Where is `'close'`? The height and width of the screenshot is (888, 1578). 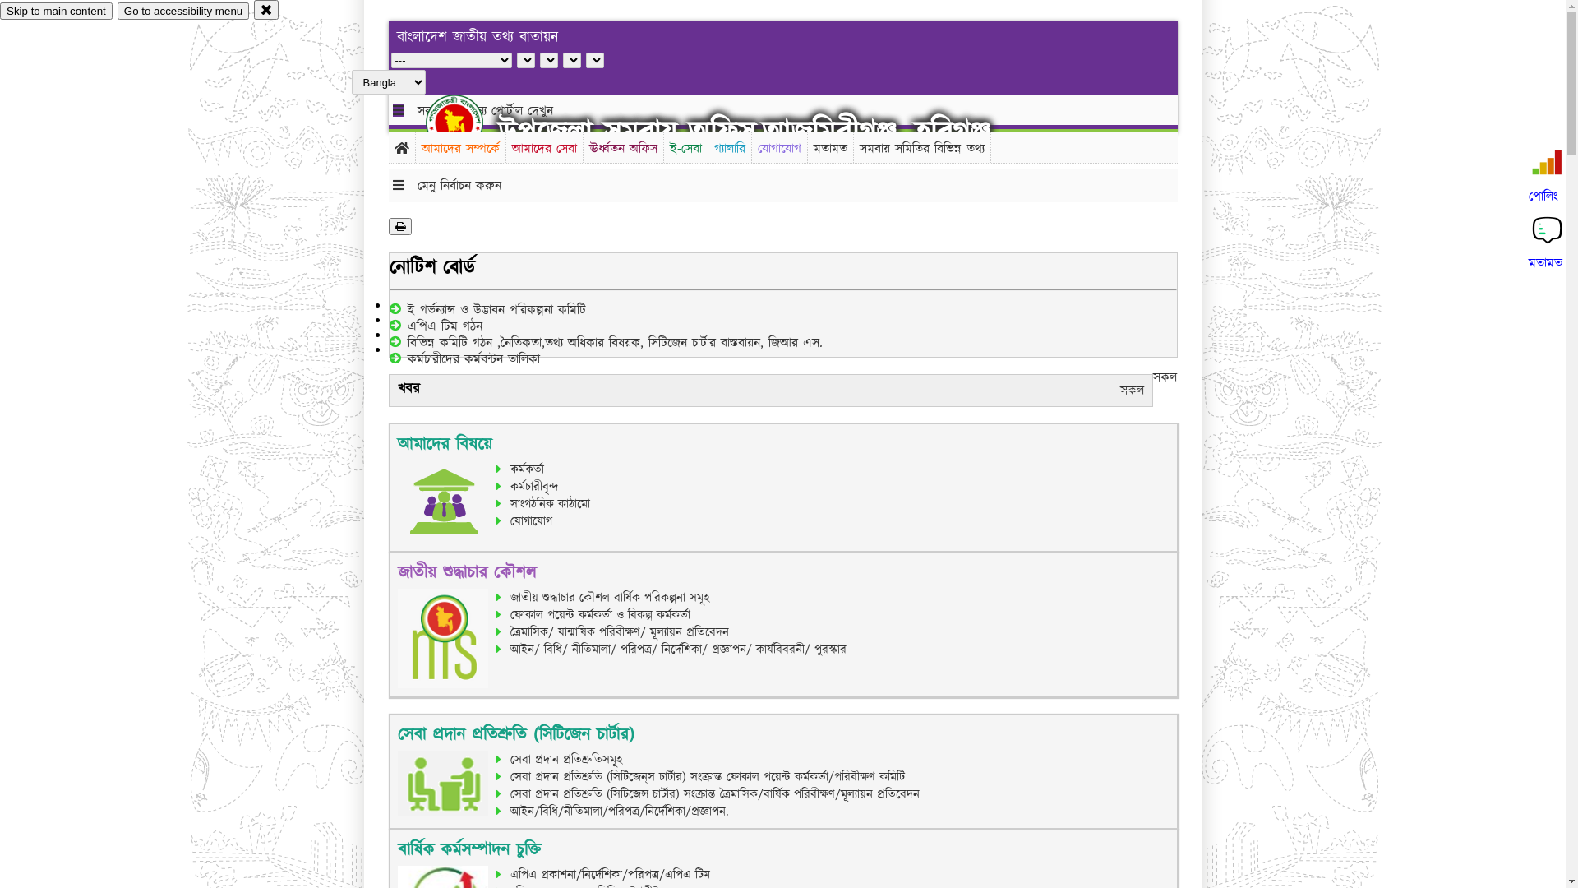 'close' is located at coordinates (266, 9).